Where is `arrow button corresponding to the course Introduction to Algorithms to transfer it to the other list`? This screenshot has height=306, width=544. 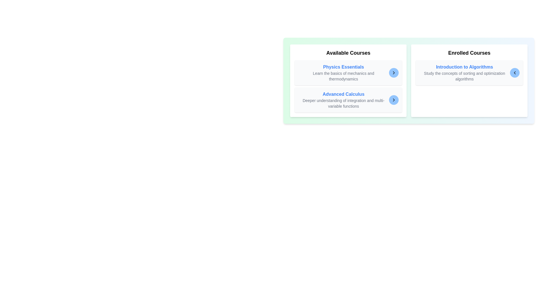
arrow button corresponding to the course Introduction to Algorithms to transfer it to the other list is located at coordinates (515, 73).